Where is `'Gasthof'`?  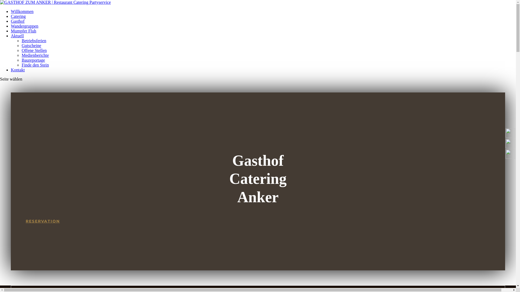 'Gasthof' is located at coordinates (18, 21).